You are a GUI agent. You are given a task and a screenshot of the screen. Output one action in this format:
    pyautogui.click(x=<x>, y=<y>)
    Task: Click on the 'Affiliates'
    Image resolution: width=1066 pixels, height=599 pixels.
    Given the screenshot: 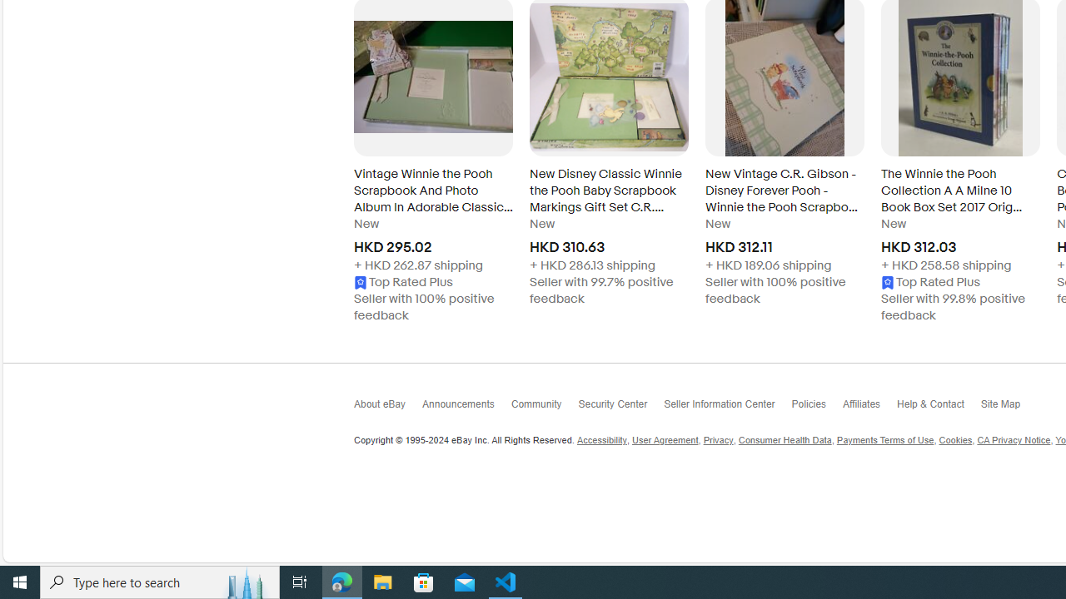 What is the action you would take?
    pyautogui.click(x=869, y=408)
    